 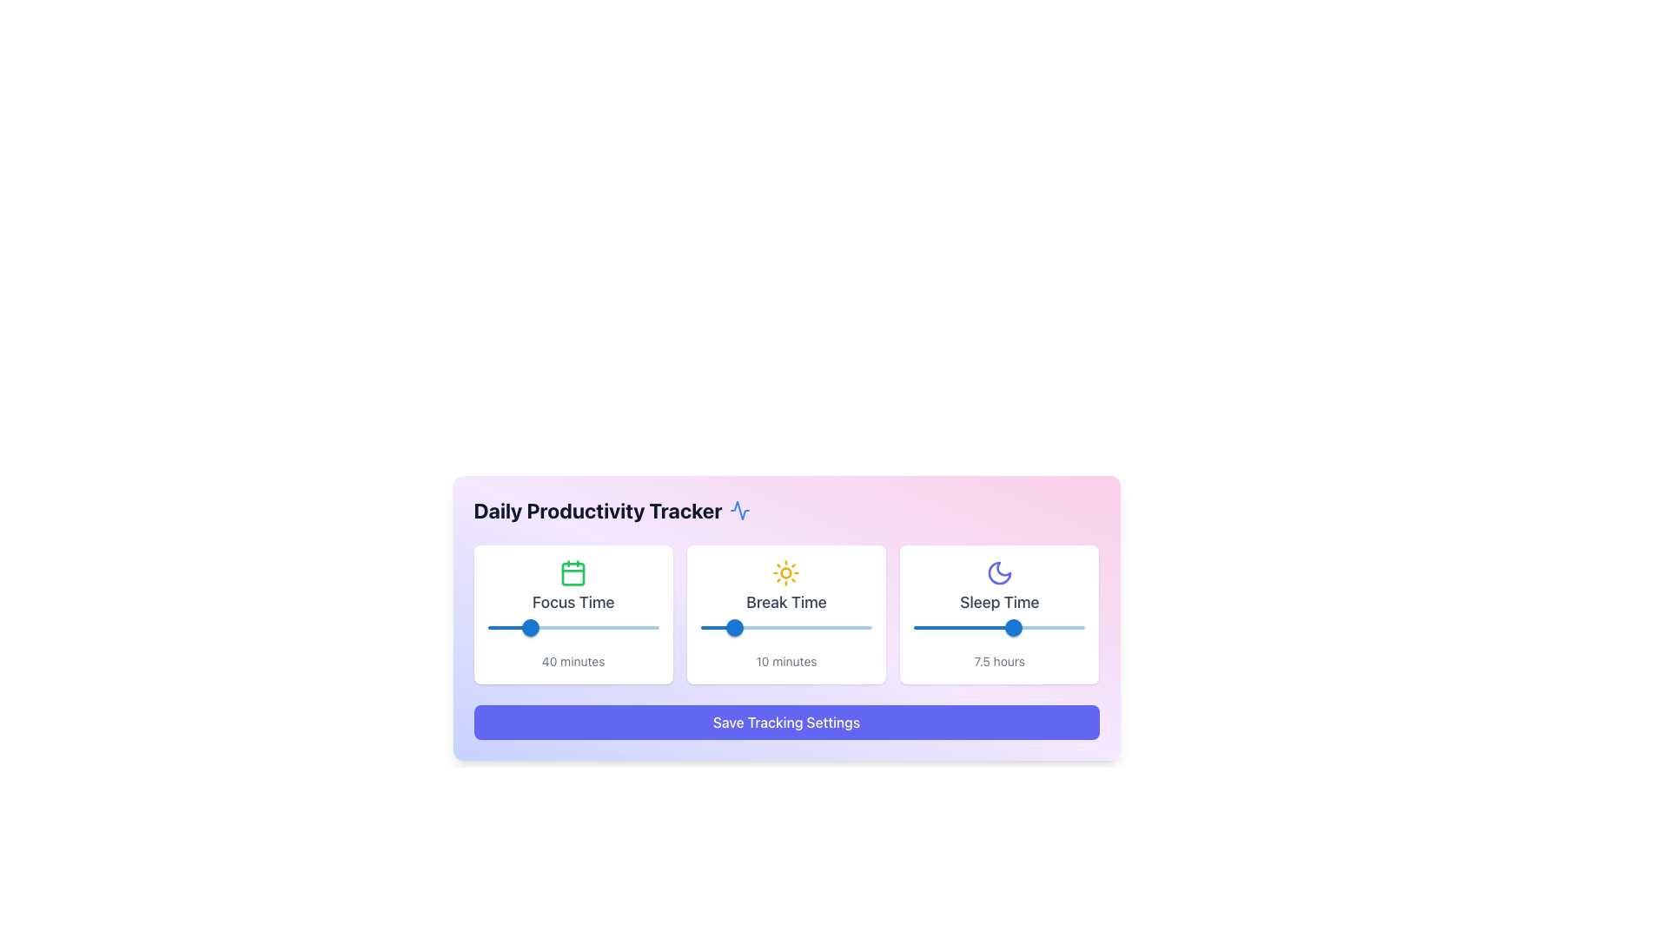 What do you see at coordinates (869, 627) in the screenshot?
I see `break time` at bounding box center [869, 627].